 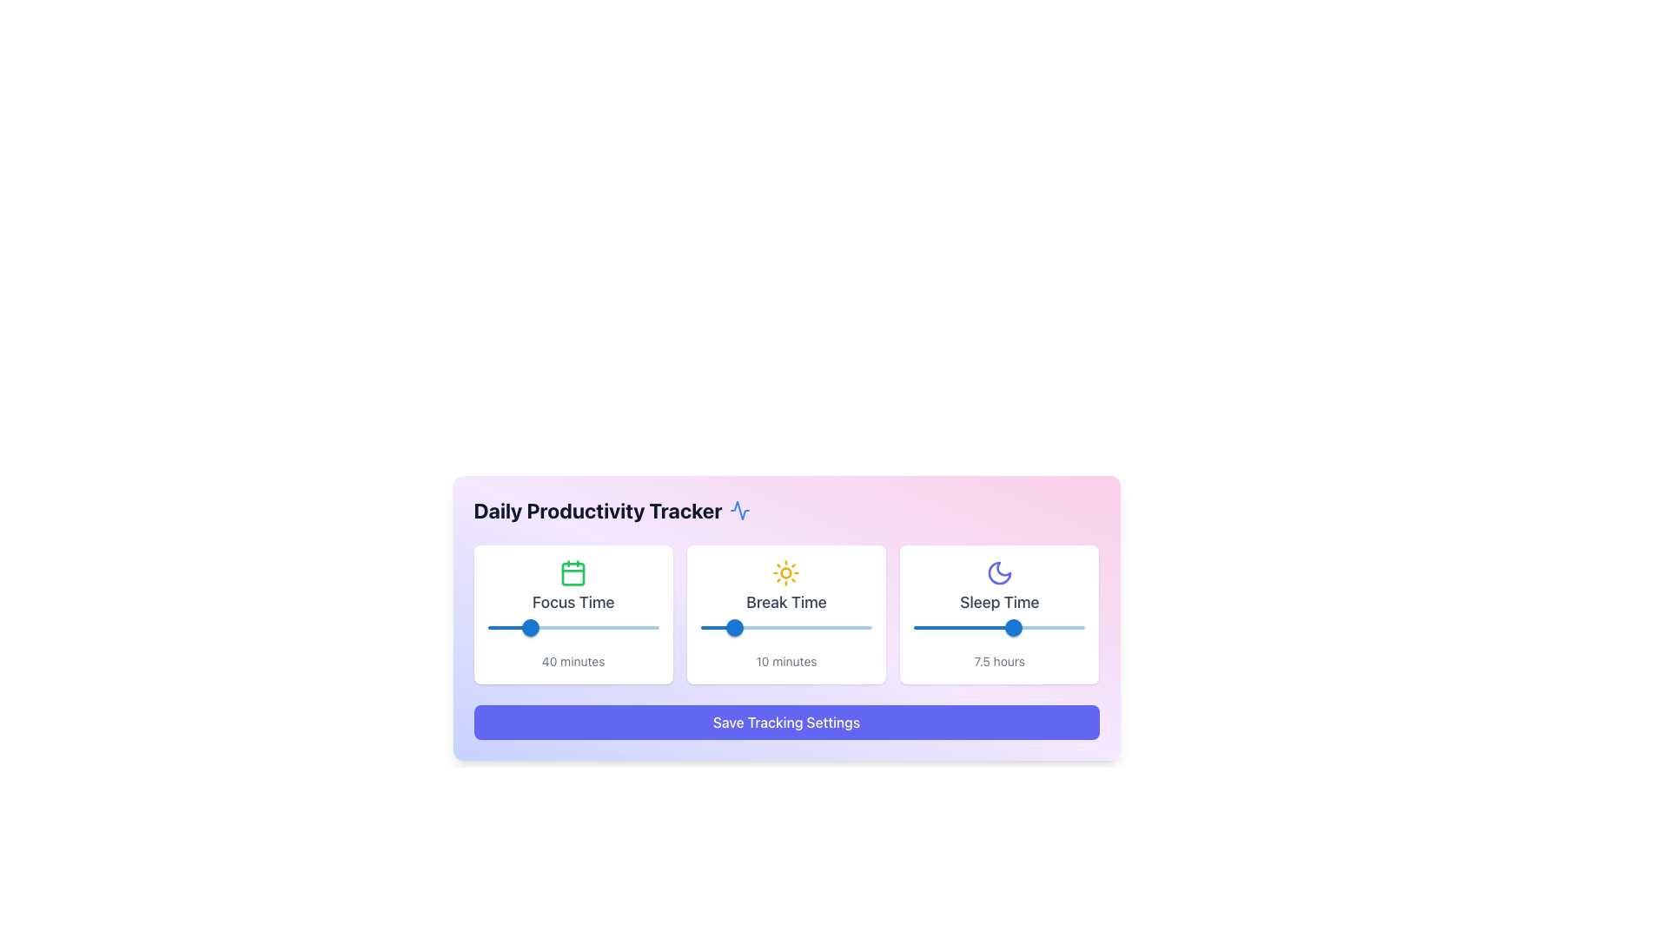 What do you see at coordinates (869, 627) in the screenshot?
I see `break time` at bounding box center [869, 627].